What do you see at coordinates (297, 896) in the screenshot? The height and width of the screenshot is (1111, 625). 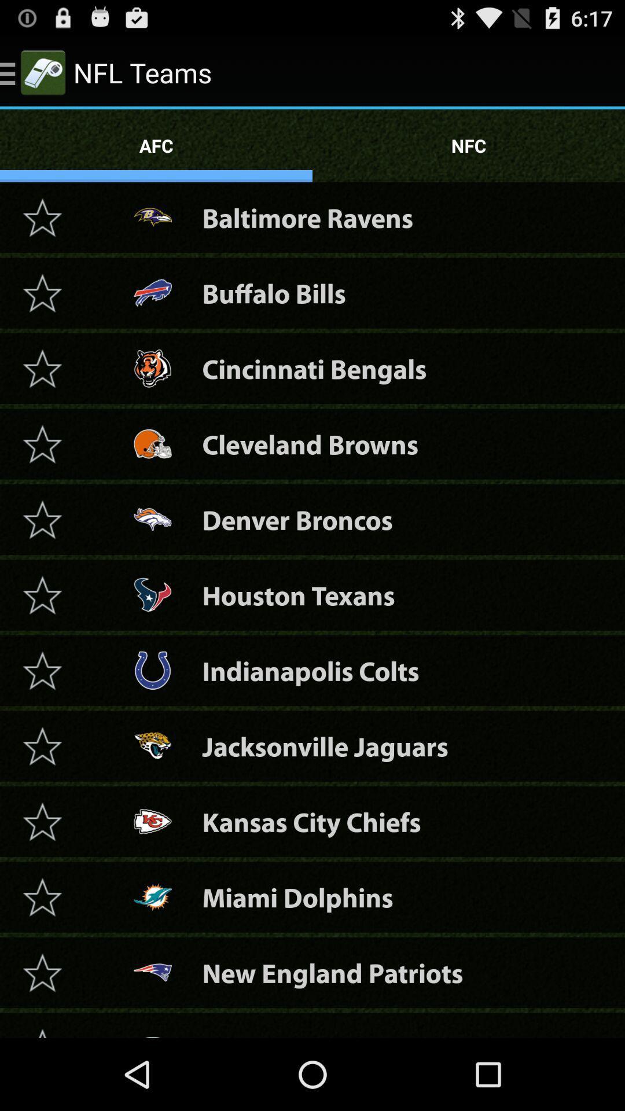 I see `the item above the new england patriots item` at bounding box center [297, 896].